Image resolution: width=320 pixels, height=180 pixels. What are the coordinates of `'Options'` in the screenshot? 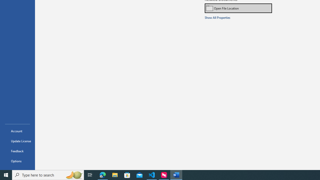 It's located at (17, 161).